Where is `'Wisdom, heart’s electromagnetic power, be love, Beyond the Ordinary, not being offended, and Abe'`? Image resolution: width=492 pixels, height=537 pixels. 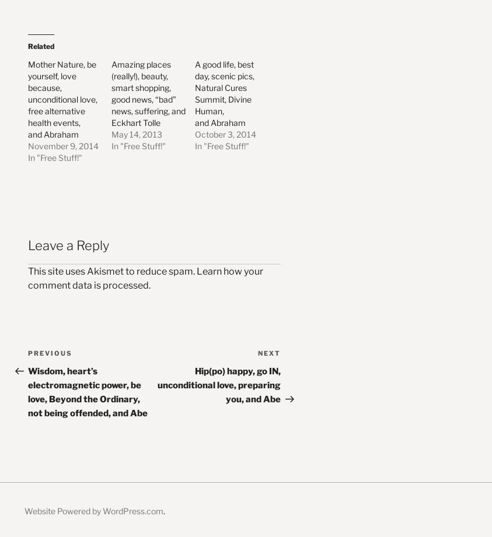 'Wisdom, heart’s electromagnetic power, be love, Beyond the Ordinary, not being offended, and Abe' is located at coordinates (88, 392).